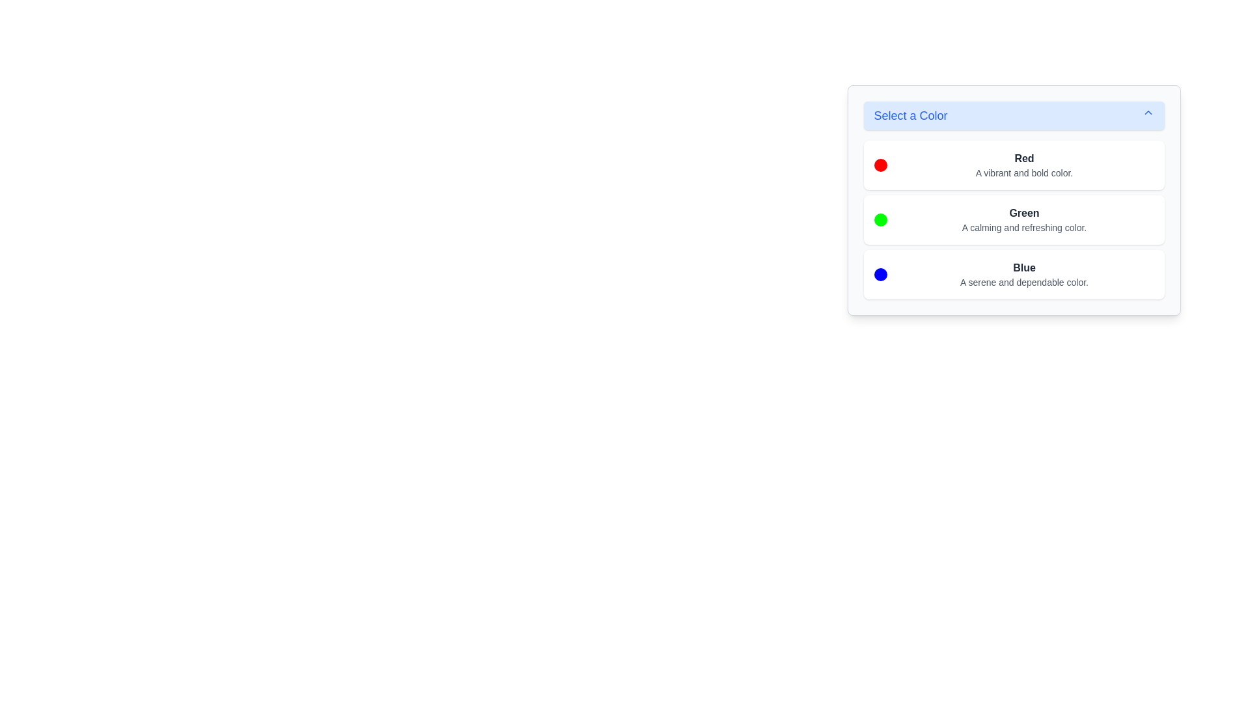 The height and width of the screenshot is (703, 1250). Describe the element at coordinates (1013, 273) in the screenshot. I see `the third selectable list item titled 'Blue' with a blue-filled circle icon, located under the 'Select a Color' section, to navigate through the keyboard` at that location.